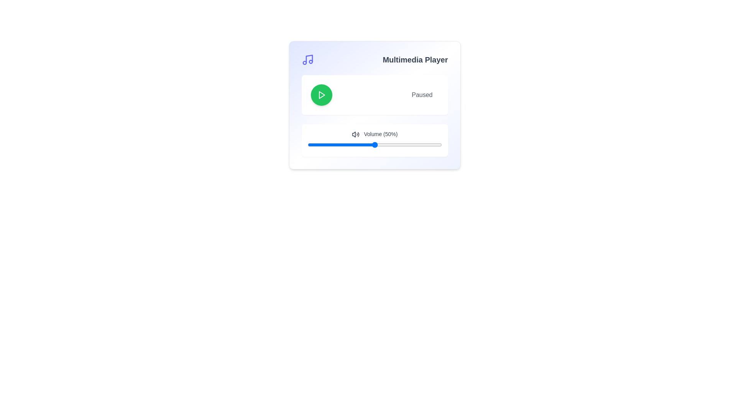 The image size is (736, 414). What do you see at coordinates (422, 94) in the screenshot?
I see `the status label that indicates the current state of the multimedia player, which shows 'Paused' when the player is not active, positioned to the right of the circular green play button` at bounding box center [422, 94].